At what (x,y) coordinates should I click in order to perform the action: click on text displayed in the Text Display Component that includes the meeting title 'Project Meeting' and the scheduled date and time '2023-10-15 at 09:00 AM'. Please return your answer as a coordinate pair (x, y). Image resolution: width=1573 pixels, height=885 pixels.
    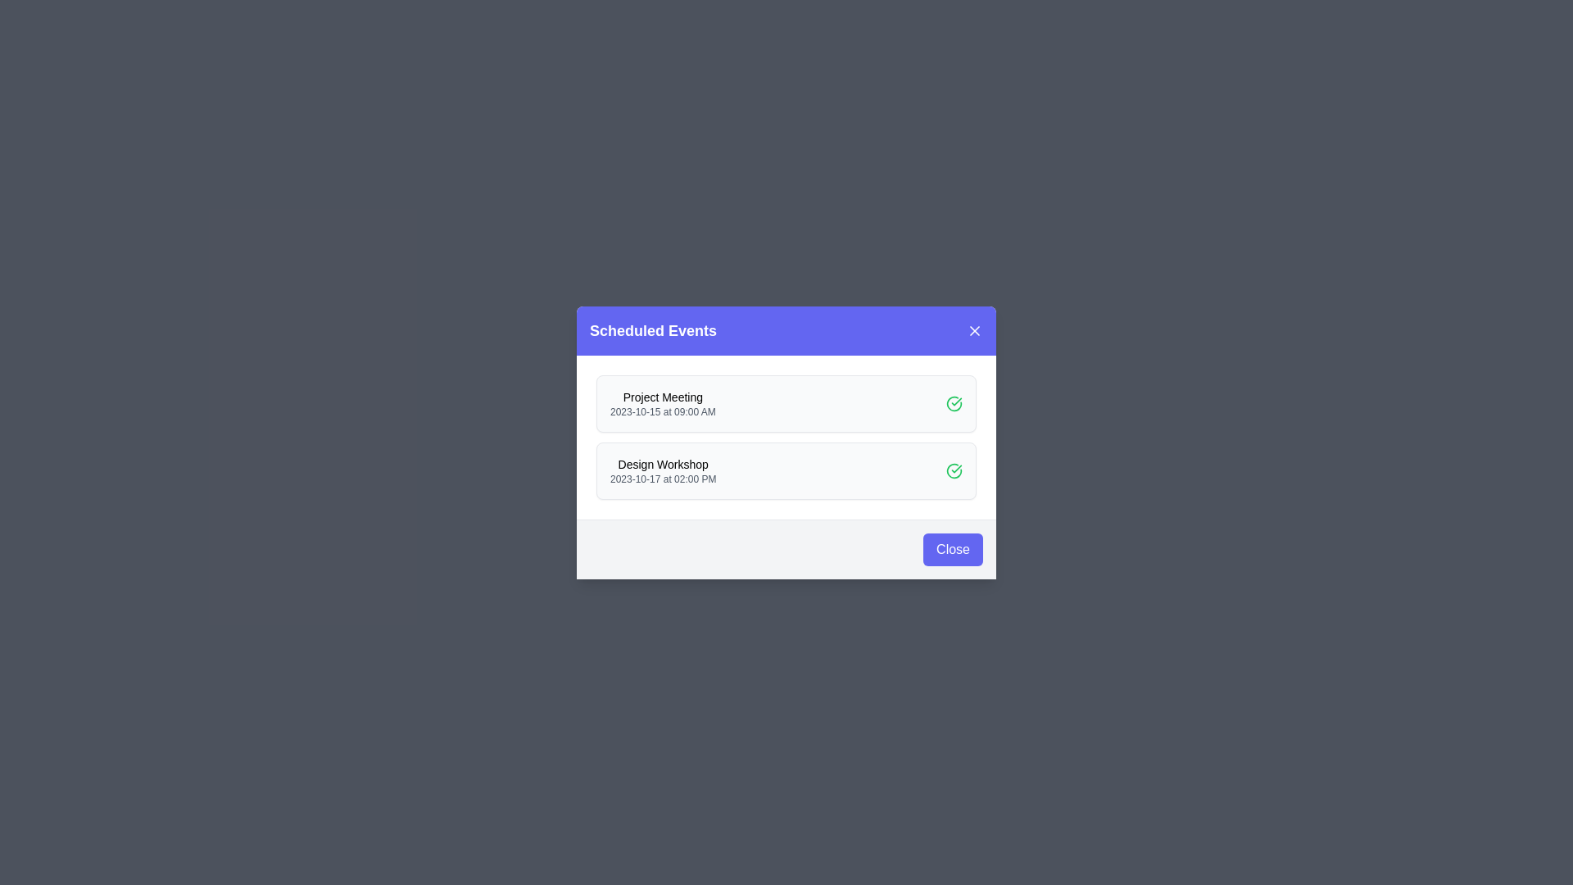
    Looking at the image, I should click on (663, 403).